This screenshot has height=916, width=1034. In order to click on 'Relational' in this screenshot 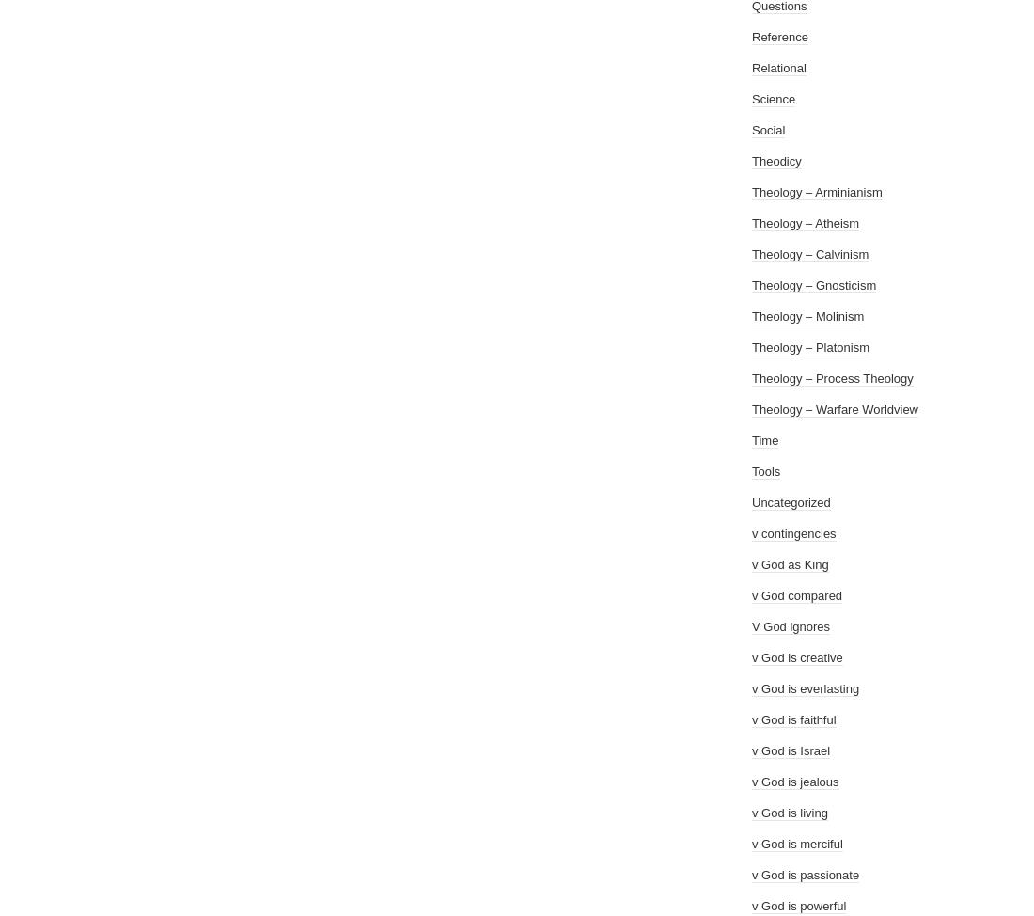, I will do `click(752, 68)`.